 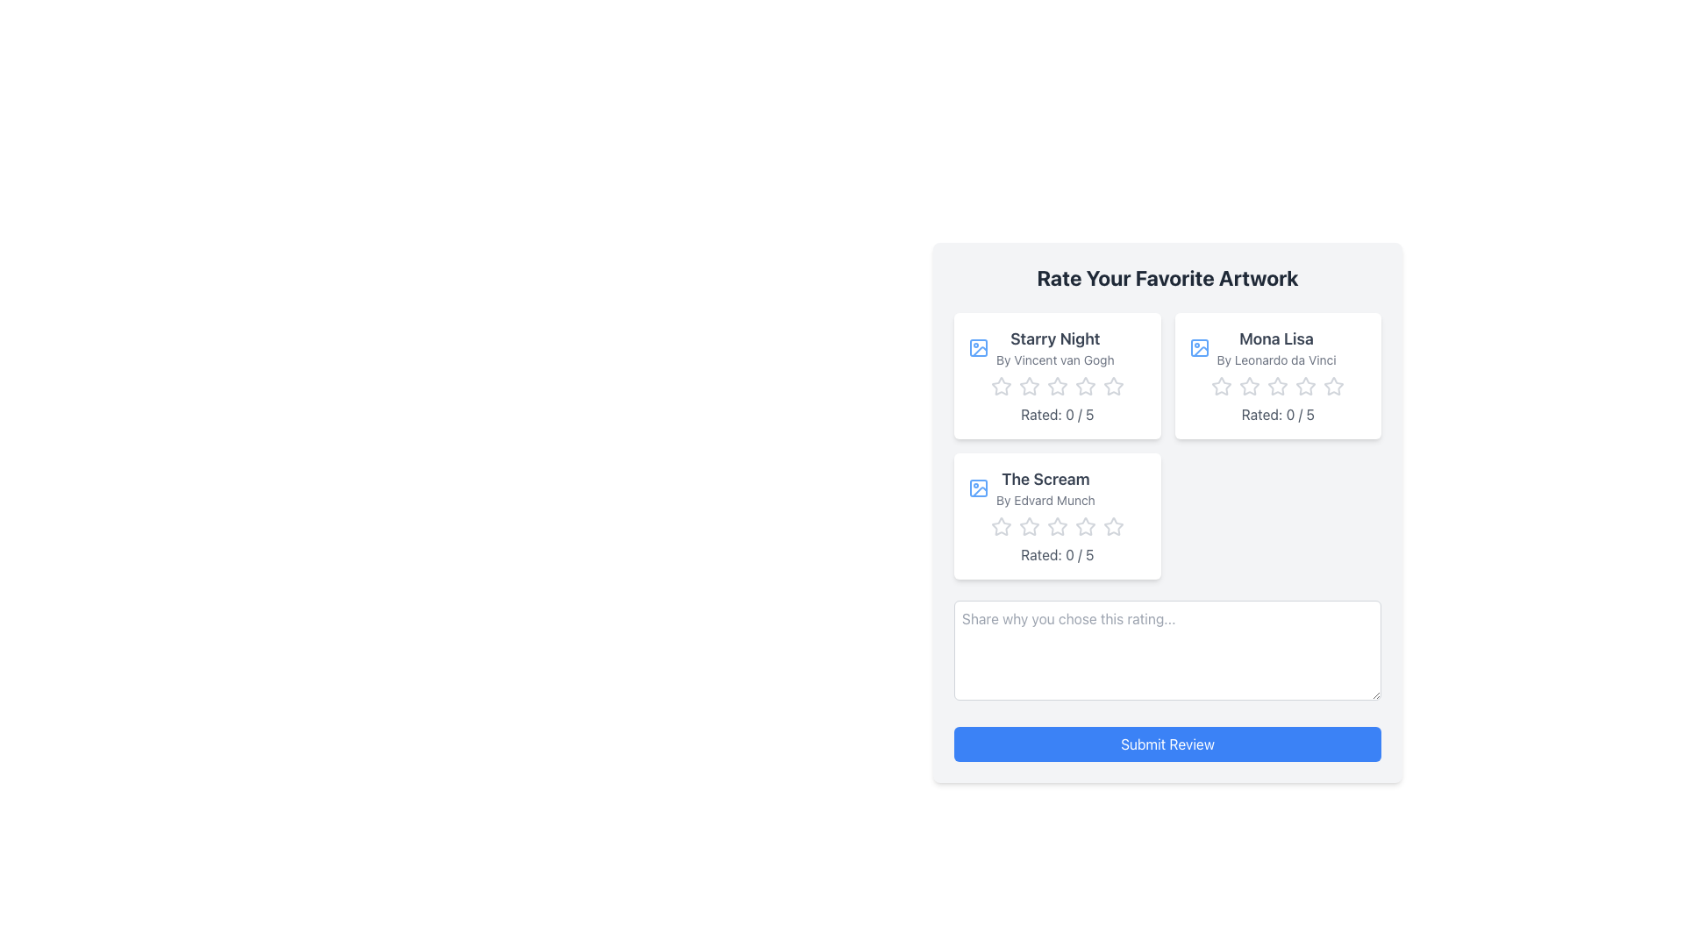 What do you see at coordinates (1056, 415) in the screenshot?
I see `the text label displaying 'Rated: 0 / 5' located below the star rating component for the artwork 'Starry Night By Vincent van Gogh'` at bounding box center [1056, 415].